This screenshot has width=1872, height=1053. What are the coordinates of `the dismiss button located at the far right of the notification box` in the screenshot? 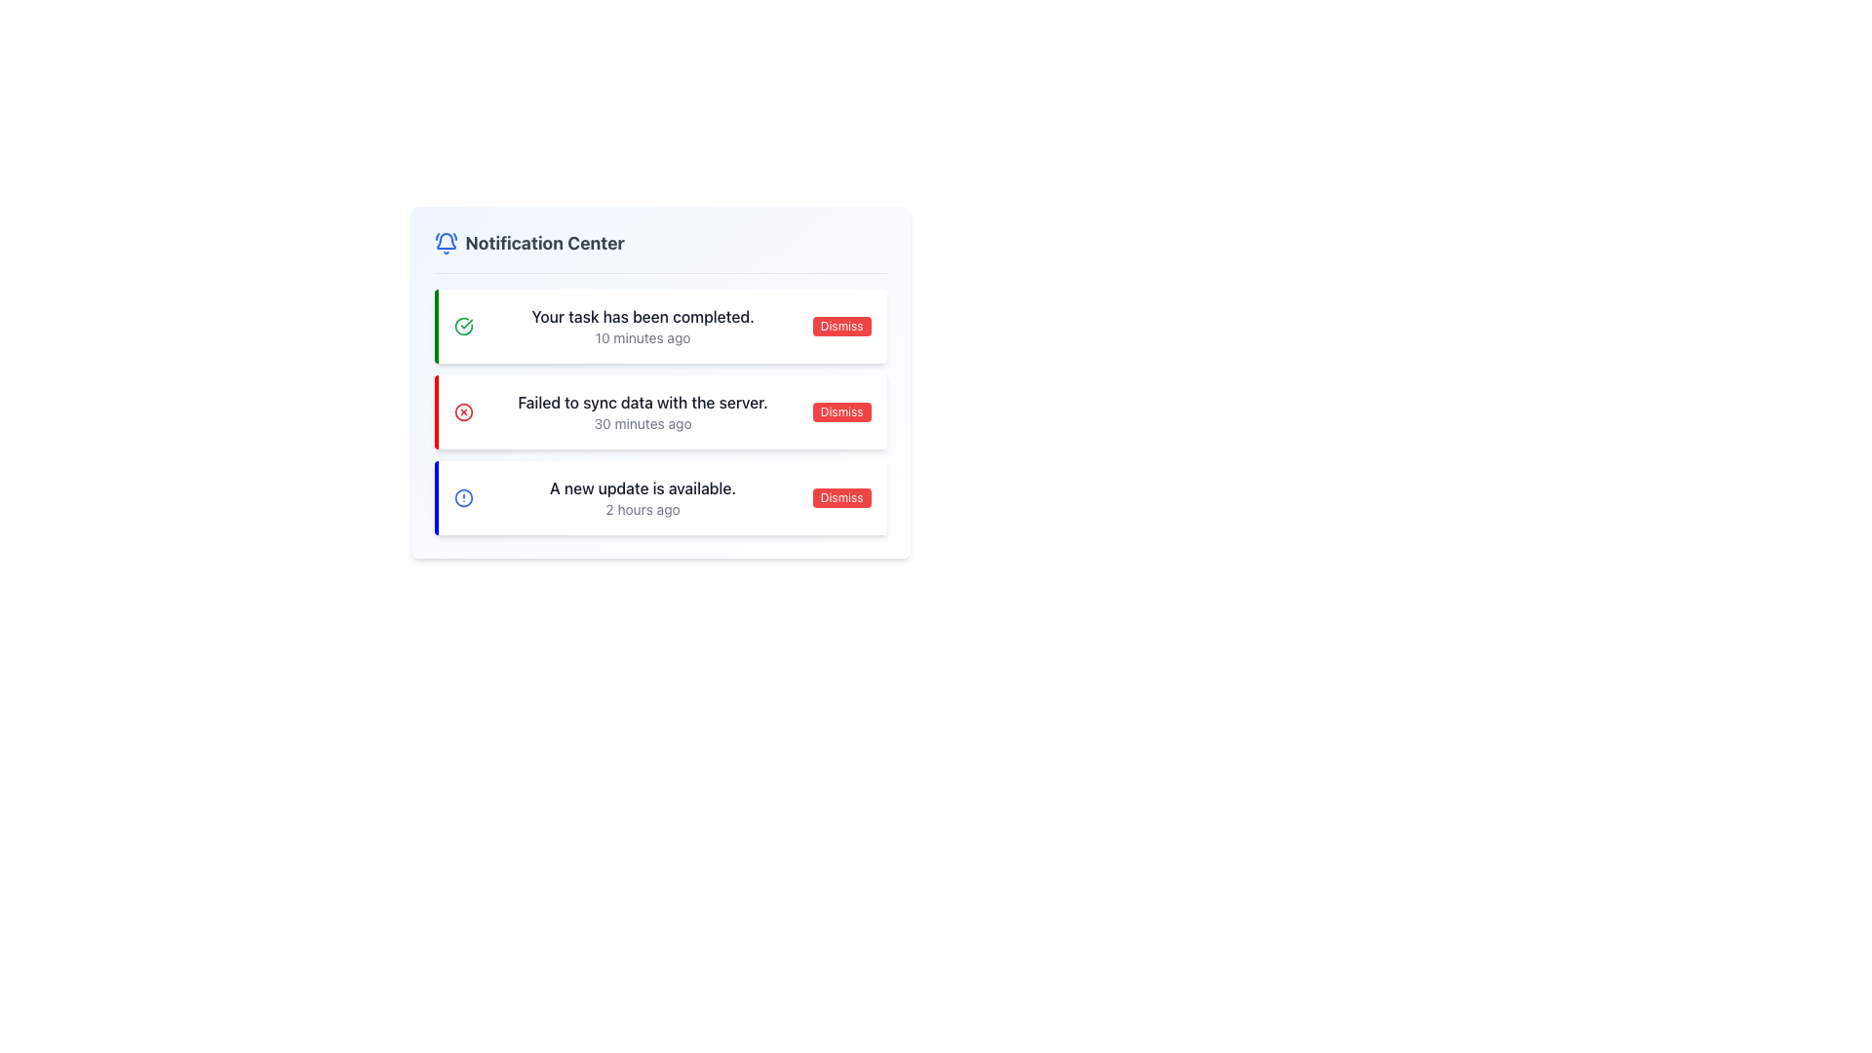 It's located at (841, 326).